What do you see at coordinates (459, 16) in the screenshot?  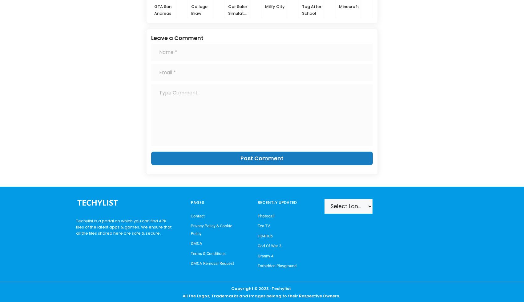 I see `'Hailey's Treasure Adventure'` at bounding box center [459, 16].